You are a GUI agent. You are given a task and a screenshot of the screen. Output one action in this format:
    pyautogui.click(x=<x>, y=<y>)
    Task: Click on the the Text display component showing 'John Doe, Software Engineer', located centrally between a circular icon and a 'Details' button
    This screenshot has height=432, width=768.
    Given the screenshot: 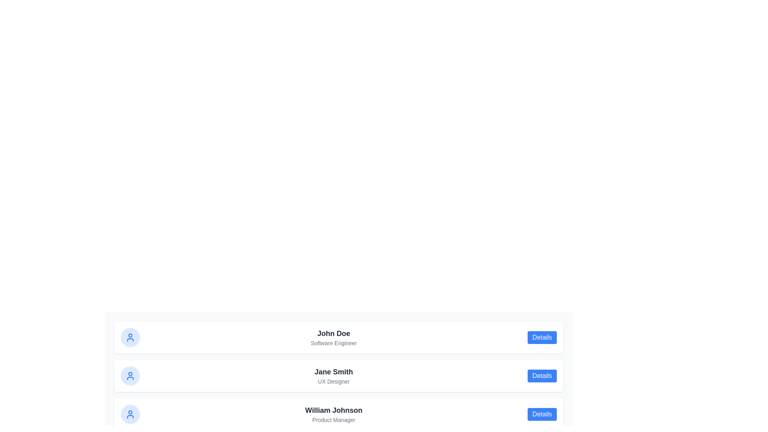 What is the action you would take?
    pyautogui.click(x=334, y=338)
    